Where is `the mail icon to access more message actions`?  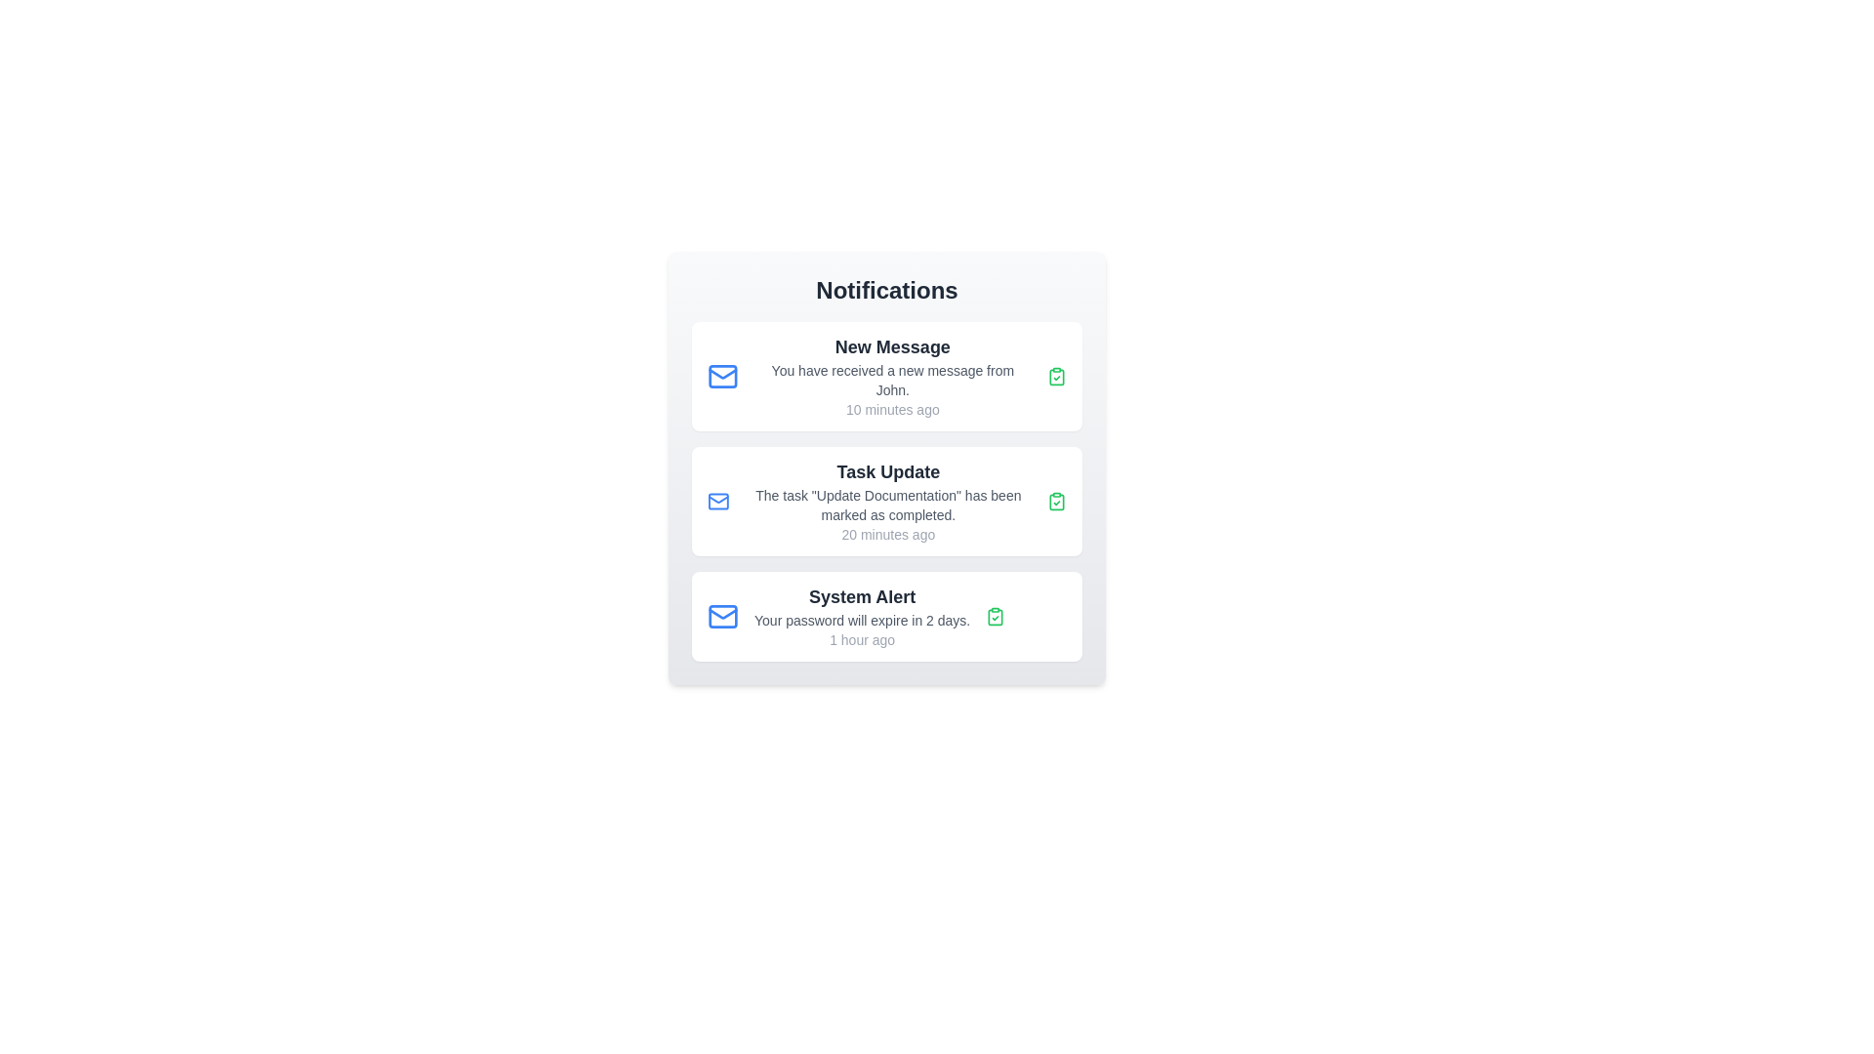 the mail icon to access more message actions is located at coordinates (721, 376).